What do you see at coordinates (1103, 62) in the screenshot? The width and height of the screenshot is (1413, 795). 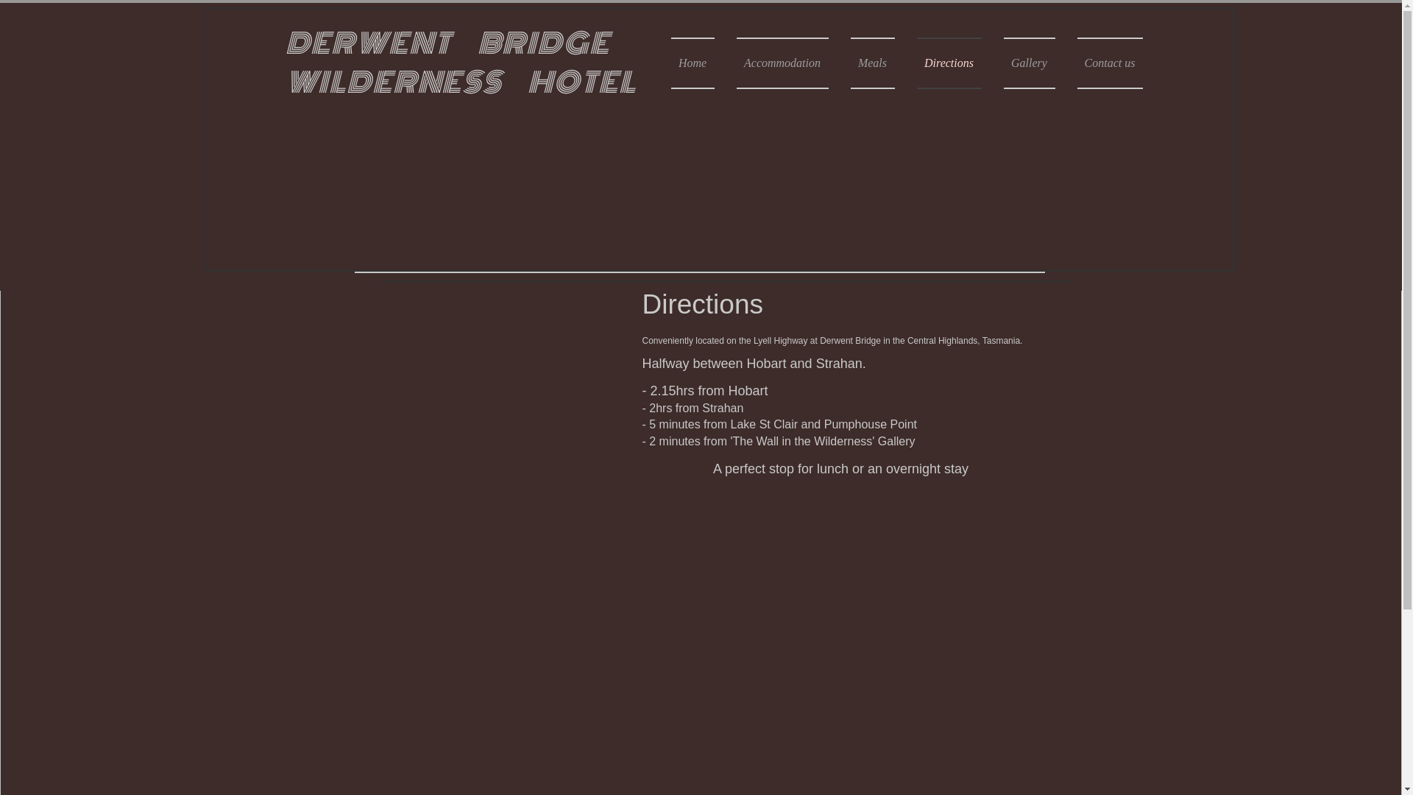 I see `'Contact us'` at bounding box center [1103, 62].